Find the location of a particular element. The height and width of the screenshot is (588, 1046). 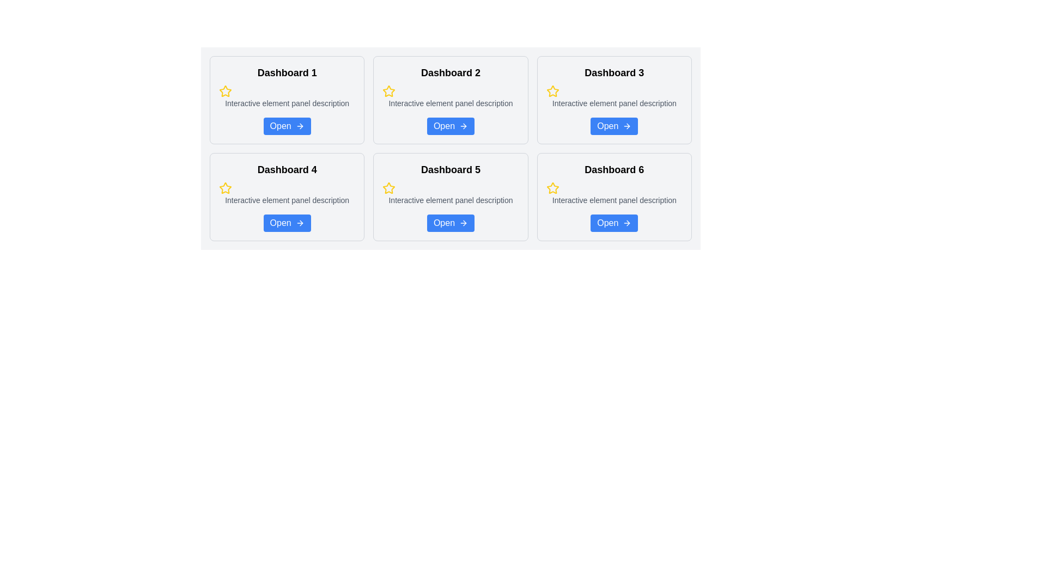

the Text Label located under the heading 'Dashboard 5' and above the blue button labeled 'Open' is located at coordinates (451, 200).